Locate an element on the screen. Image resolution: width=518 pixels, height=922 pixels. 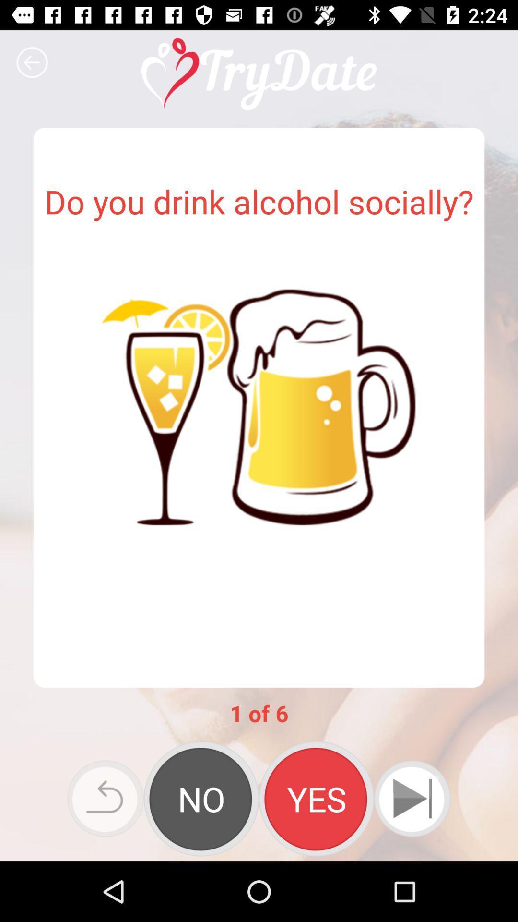
app above do you drink item is located at coordinates (32, 62).